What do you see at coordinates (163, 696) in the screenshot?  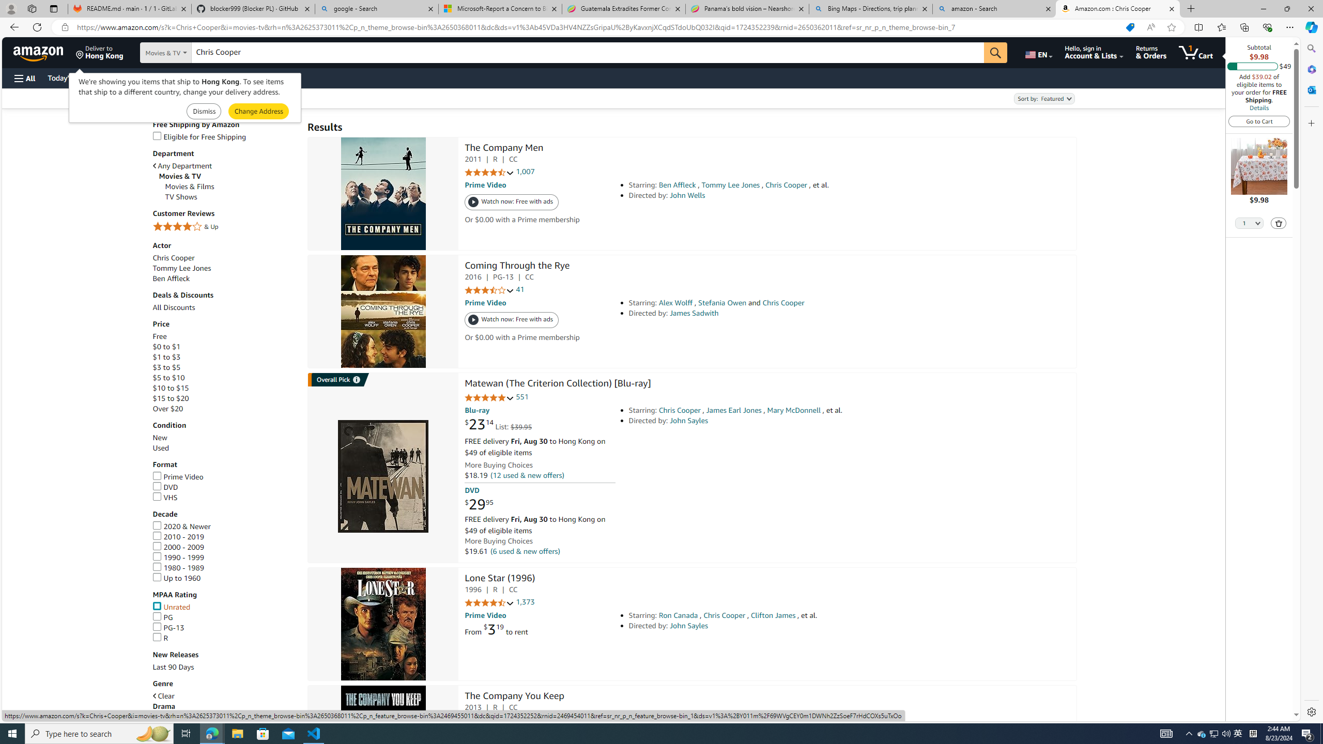 I see `'Clear'` at bounding box center [163, 696].